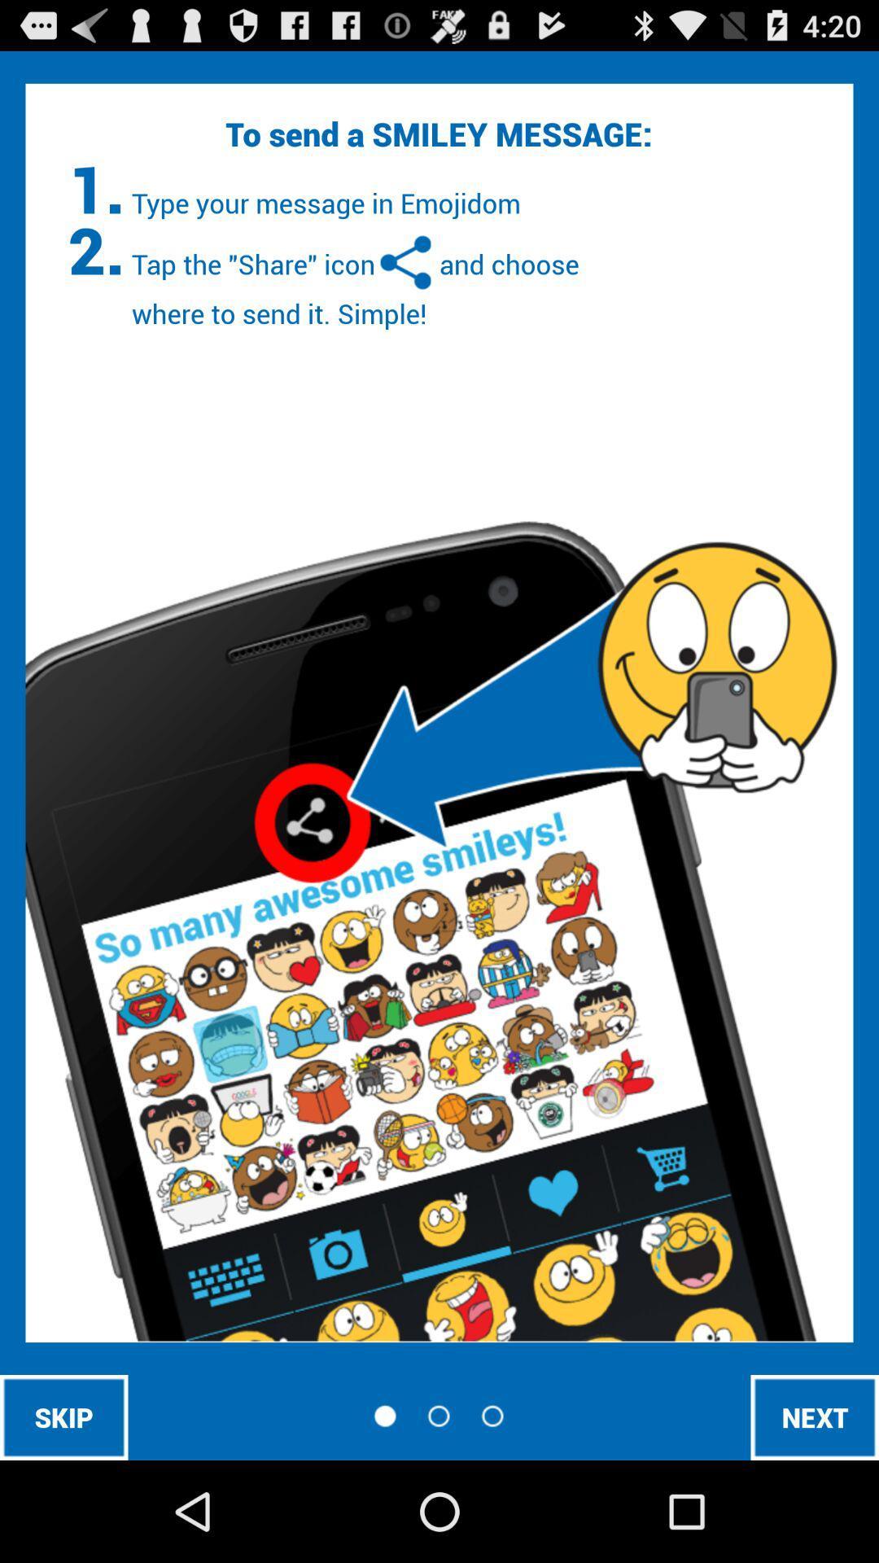 This screenshot has width=879, height=1563. Describe the element at coordinates (815, 1416) in the screenshot. I see `next icon` at that location.